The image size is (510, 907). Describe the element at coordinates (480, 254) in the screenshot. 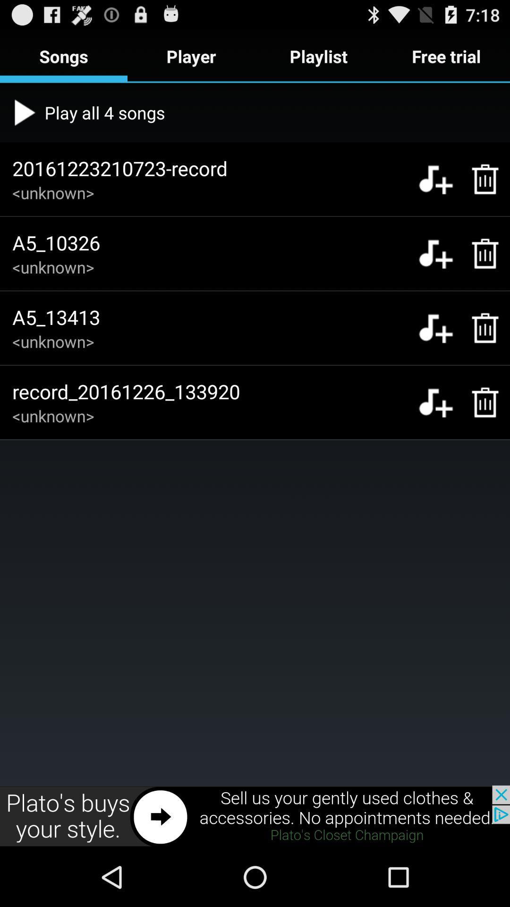

I see `delete song` at that location.